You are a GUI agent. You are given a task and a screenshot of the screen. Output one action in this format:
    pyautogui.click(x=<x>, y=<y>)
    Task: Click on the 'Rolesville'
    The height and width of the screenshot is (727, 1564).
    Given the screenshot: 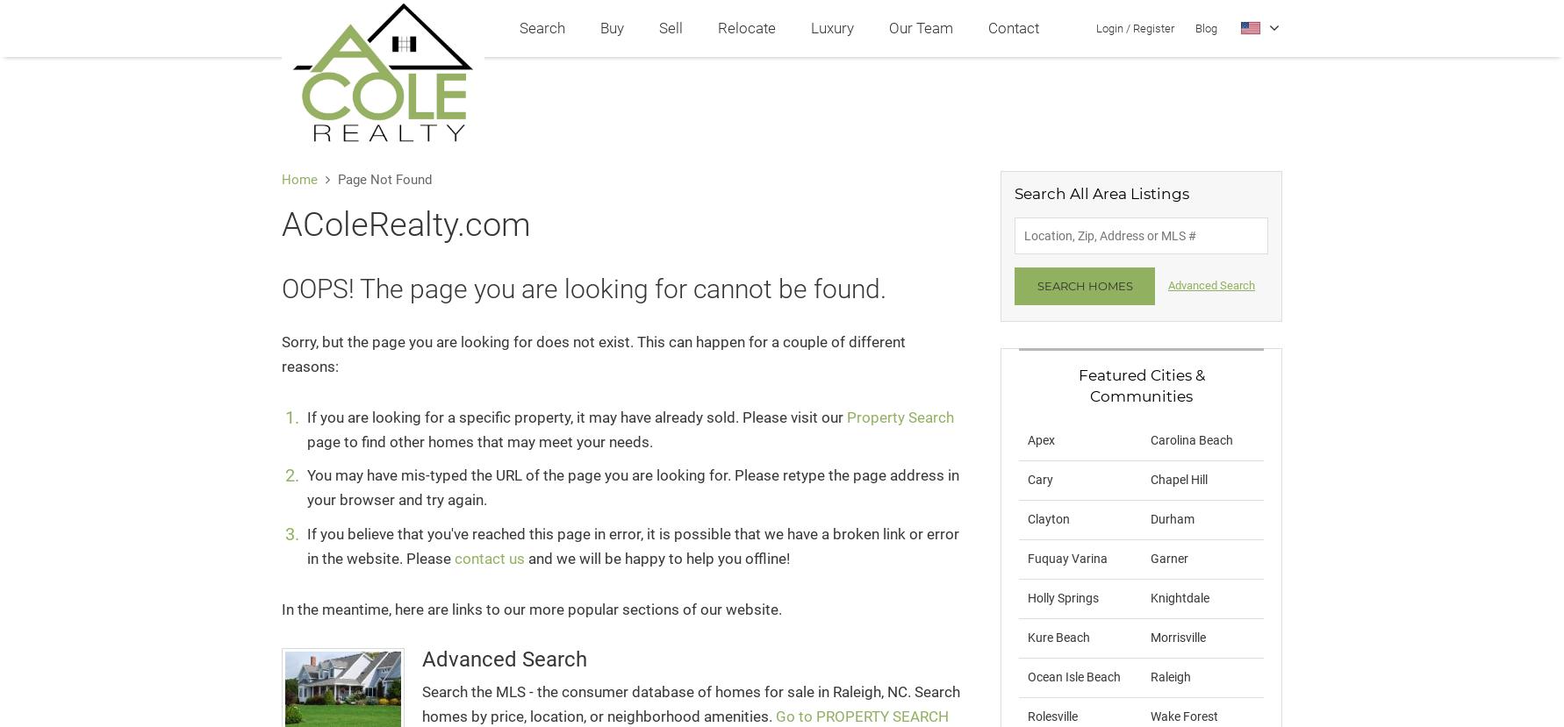 What is the action you would take?
    pyautogui.click(x=1026, y=714)
    